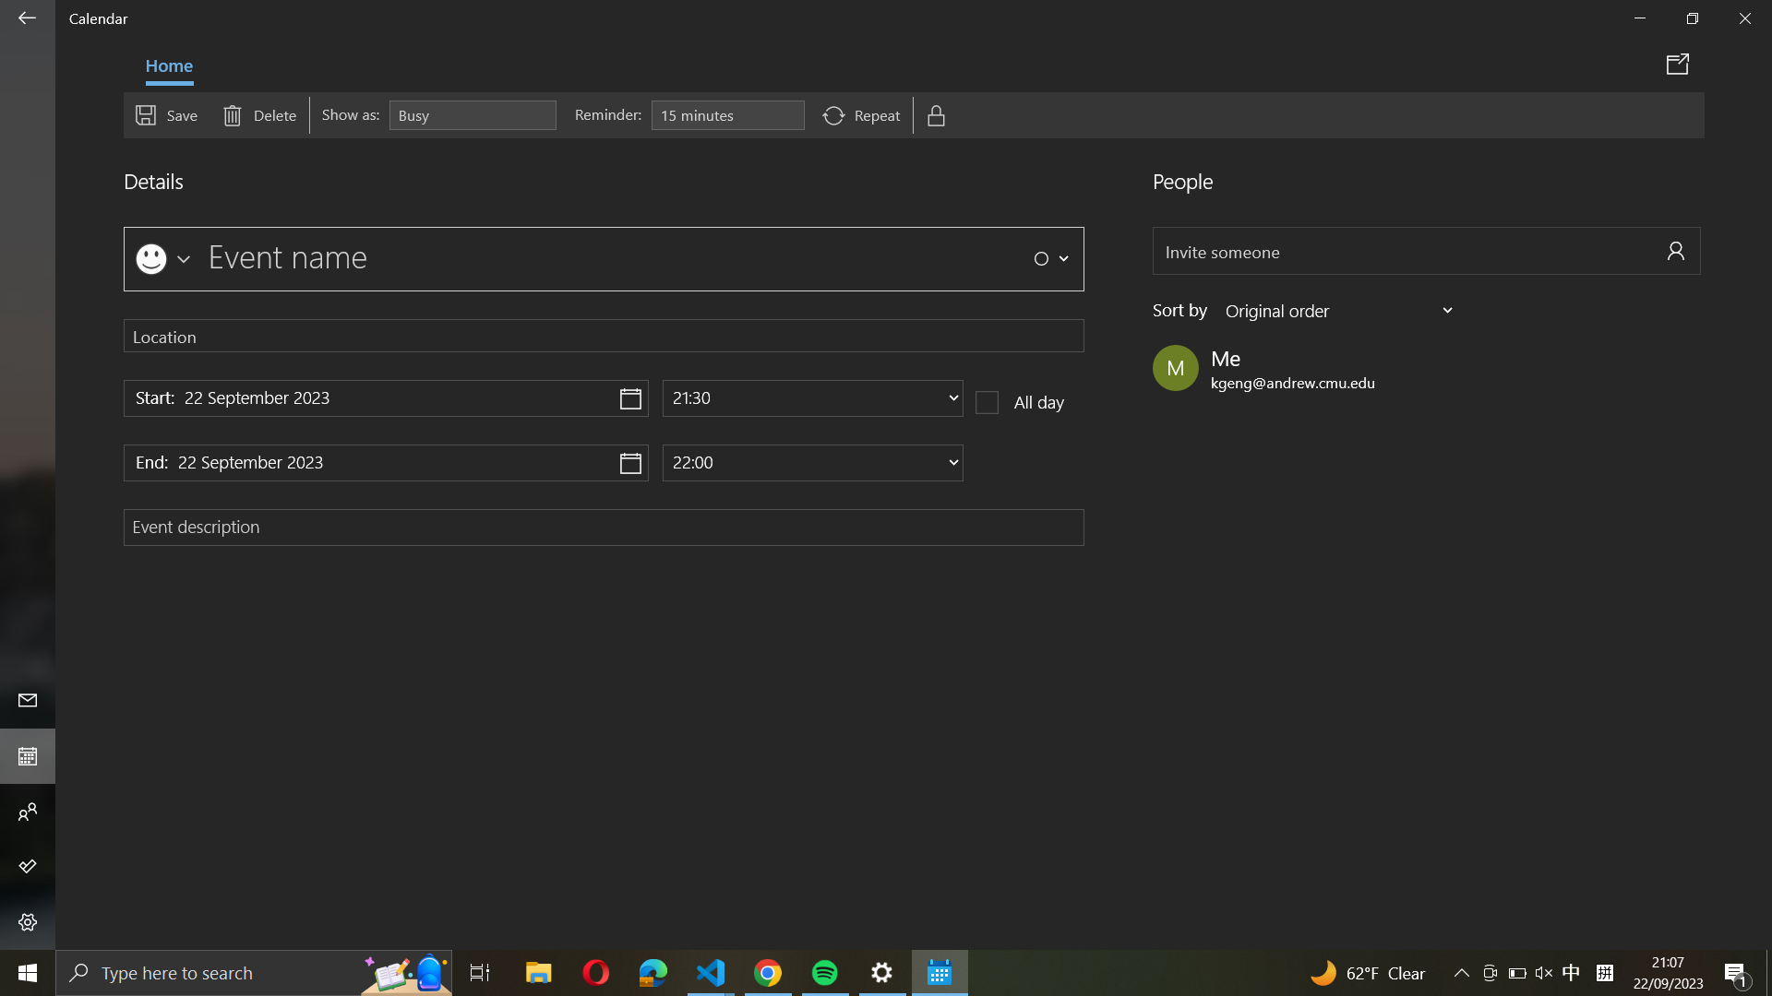 This screenshot has height=996, width=1772. What do you see at coordinates (1681, 63) in the screenshot?
I see `Propagate event particulars via the calendar tool` at bounding box center [1681, 63].